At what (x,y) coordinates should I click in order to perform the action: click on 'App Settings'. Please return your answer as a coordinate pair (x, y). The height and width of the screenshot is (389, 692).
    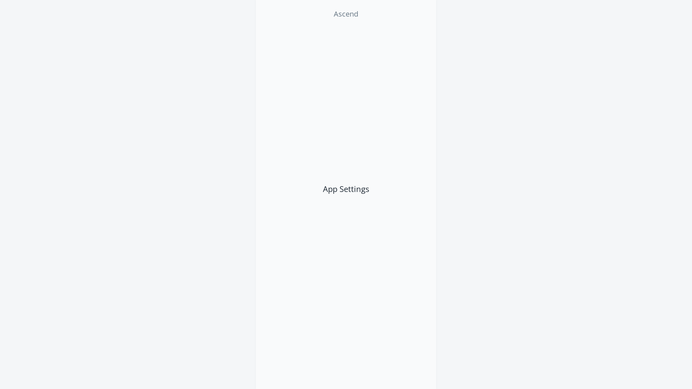
    Looking at the image, I should click on (314, 188).